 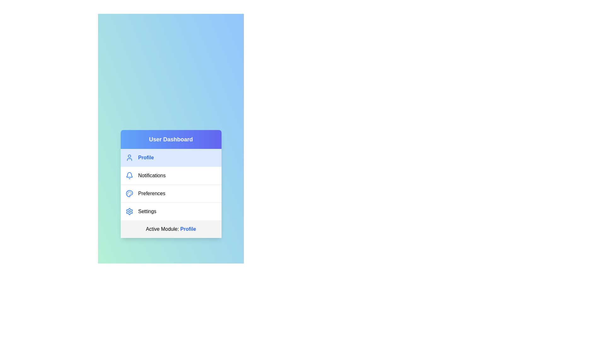 What do you see at coordinates (171, 175) in the screenshot?
I see `the menu item corresponding to Notifications` at bounding box center [171, 175].